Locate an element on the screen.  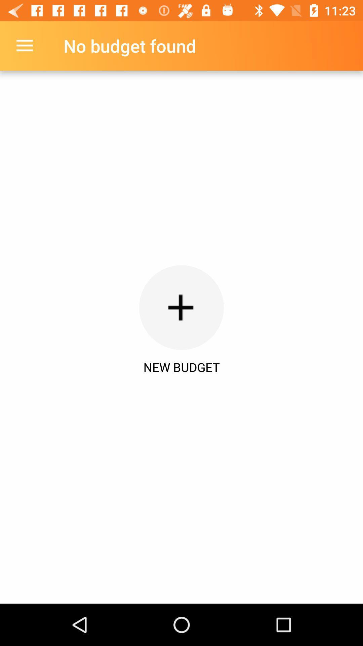
new budget item is located at coordinates (182, 367).